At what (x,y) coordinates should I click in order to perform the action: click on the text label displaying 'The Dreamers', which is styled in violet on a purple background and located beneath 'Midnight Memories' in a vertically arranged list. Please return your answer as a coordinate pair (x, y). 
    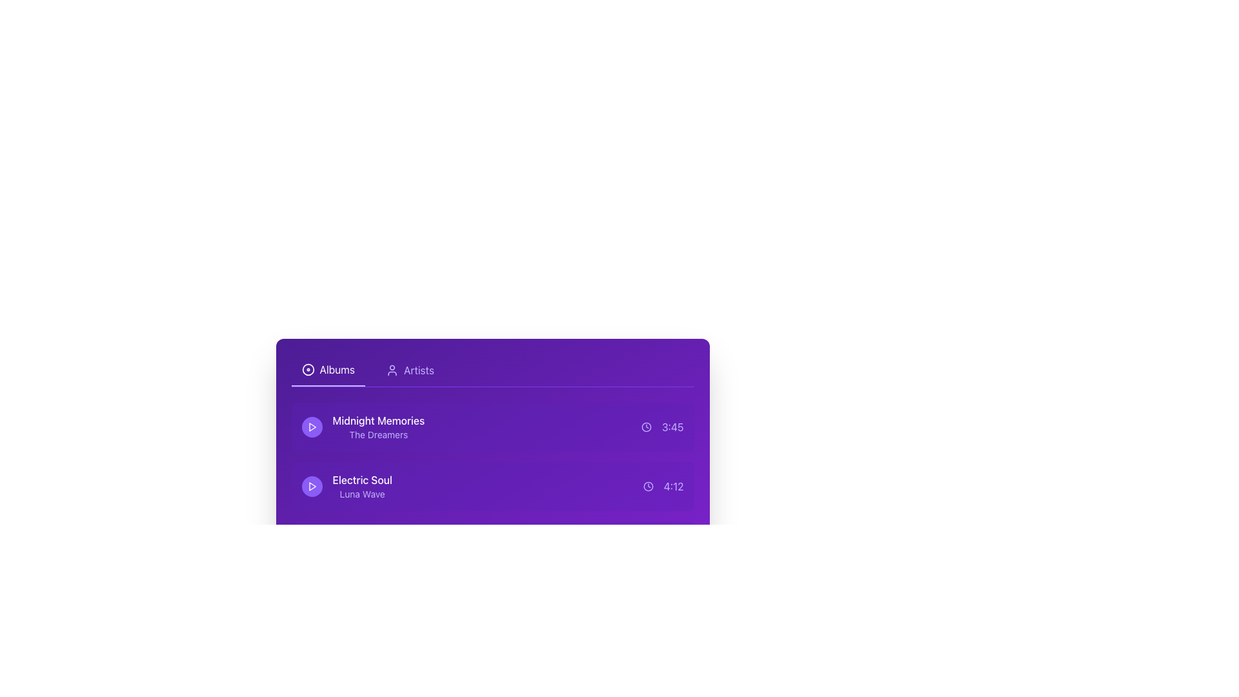
    Looking at the image, I should click on (378, 435).